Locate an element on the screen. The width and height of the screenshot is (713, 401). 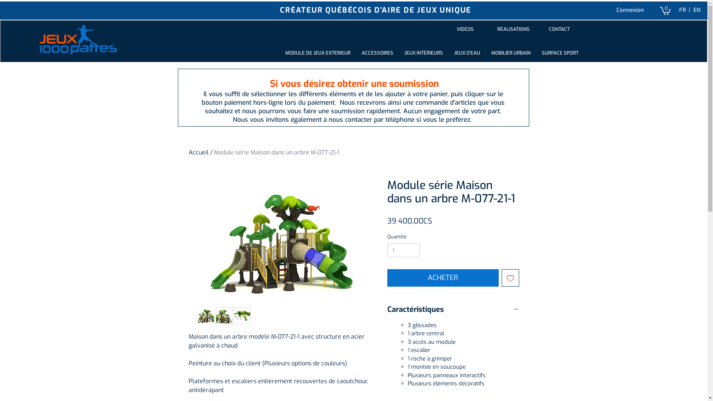
'ACHETER' is located at coordinates (443, 278).